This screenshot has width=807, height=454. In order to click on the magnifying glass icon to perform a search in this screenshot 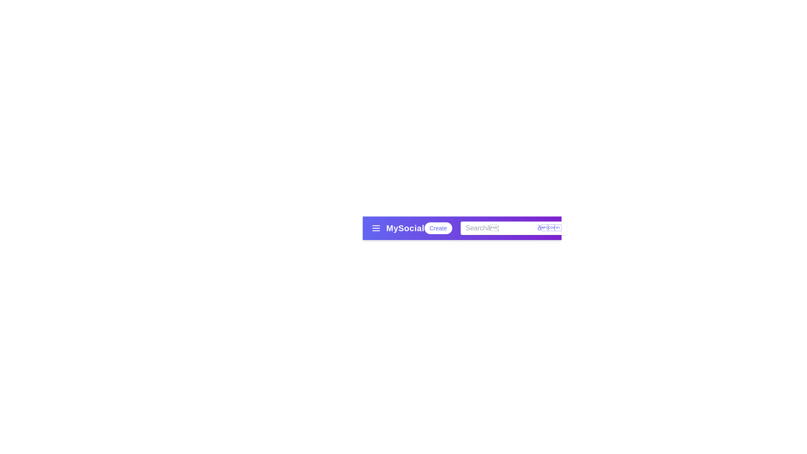, I will do `click(549, 228)`.